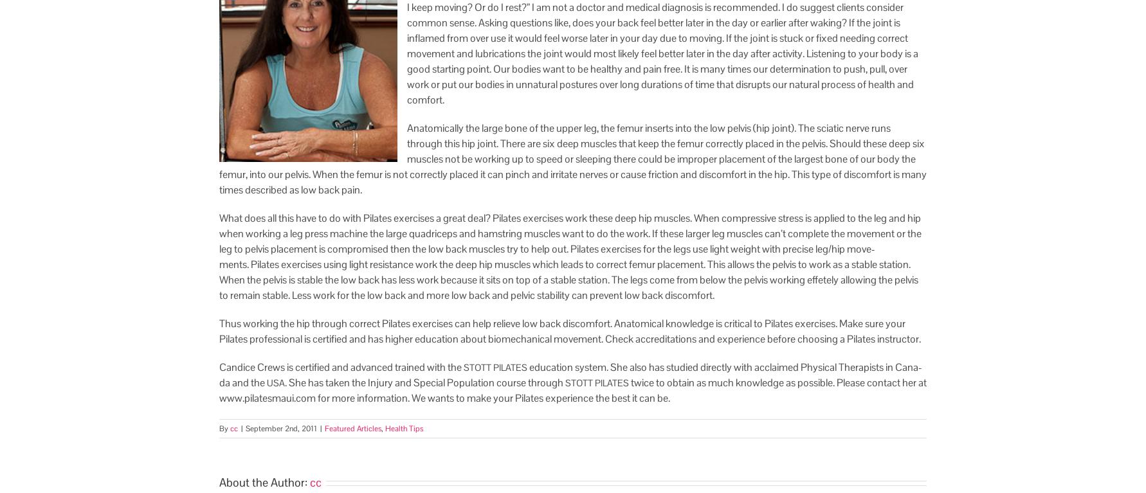 This screenshot has width=1146, height=493. What do you see at coordinates (341, 366) in the screenshot?
I see `'Can­dice Crews is cer­ti­fied and advanced trained with the'` at bounding box center [341, 366].